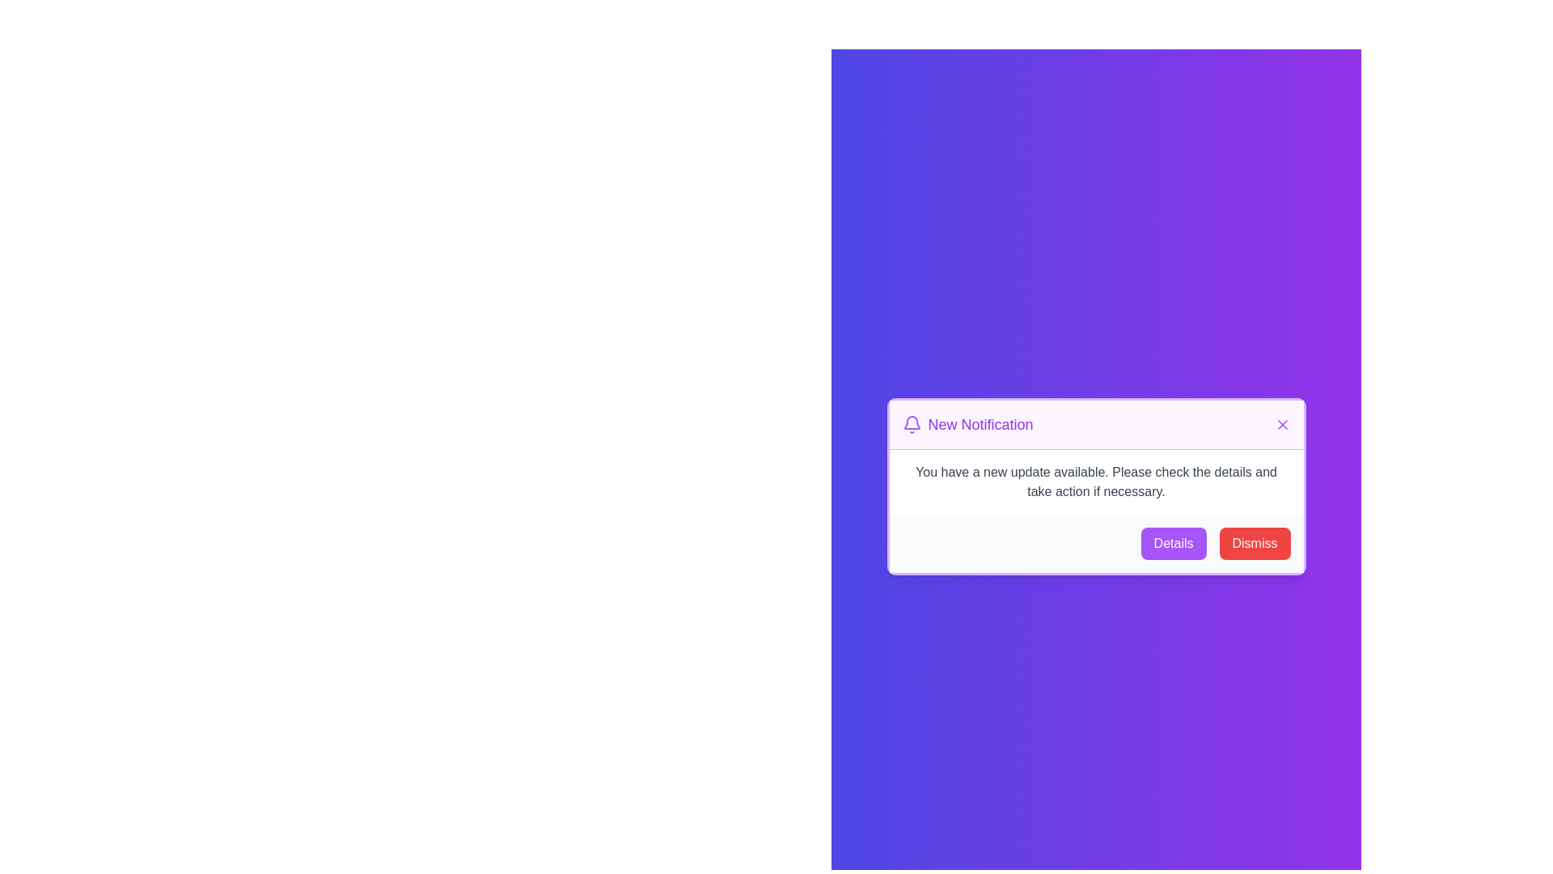  Describe the element at coordinates (1281, 423) in the screenshot. I see `the second line of the cross icon within the SVG component located in the top-right corner of the notification card to indicate interactivity` at that location.